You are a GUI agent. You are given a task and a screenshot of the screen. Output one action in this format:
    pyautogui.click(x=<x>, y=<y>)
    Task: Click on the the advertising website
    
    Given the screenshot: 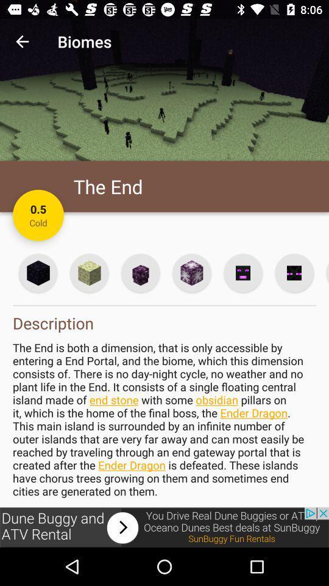 What is the action you would take?
    pyautogui.click(x=164, y=527)
    